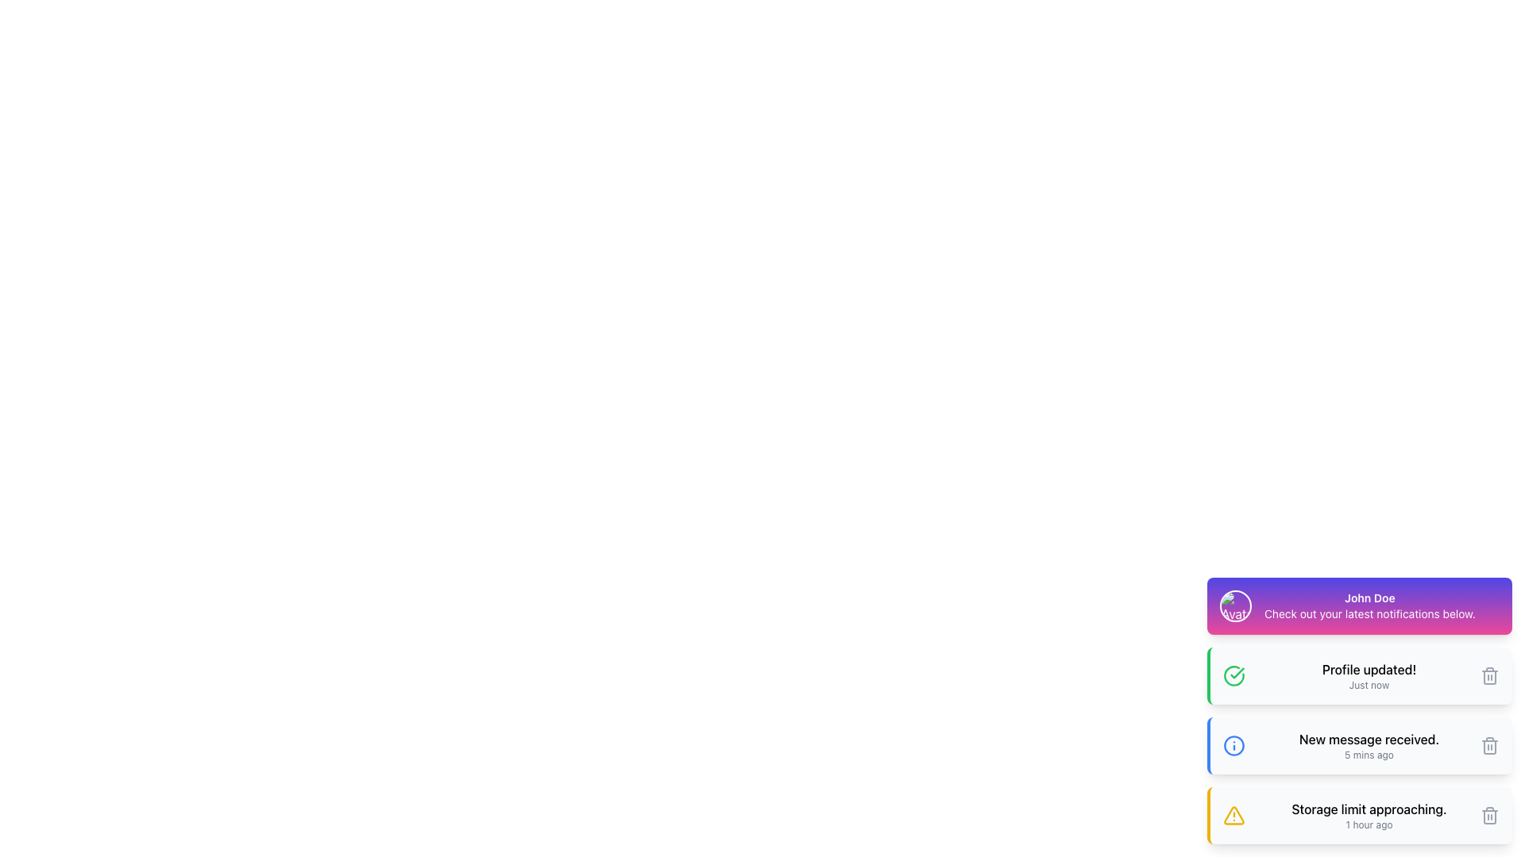 Image resolution: width=1525 pixels, height=857 pixels. Describe the element at coordinates (1234, 676) in the screenshot. I see `the positive status icon located in the upper-left corner of the first notification card, adjacent to the text 'Profile updated!'` at that location.